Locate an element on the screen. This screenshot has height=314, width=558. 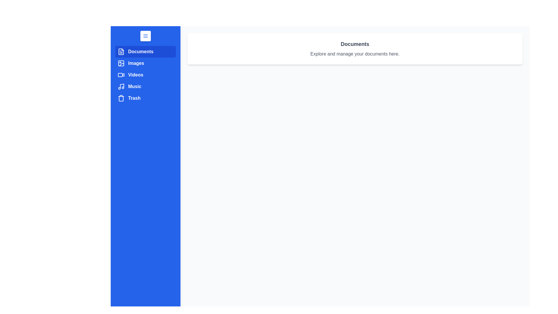
the category Music from the sidebar is located at coordinates (145, 86).